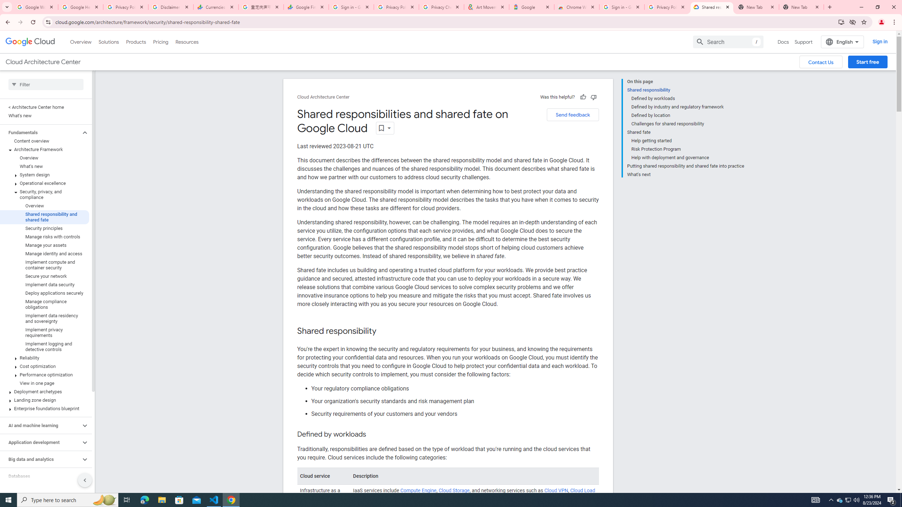  Describe the element at coordinates (593, 97) in the screenshot. I see `'Not helpful'` at that location.